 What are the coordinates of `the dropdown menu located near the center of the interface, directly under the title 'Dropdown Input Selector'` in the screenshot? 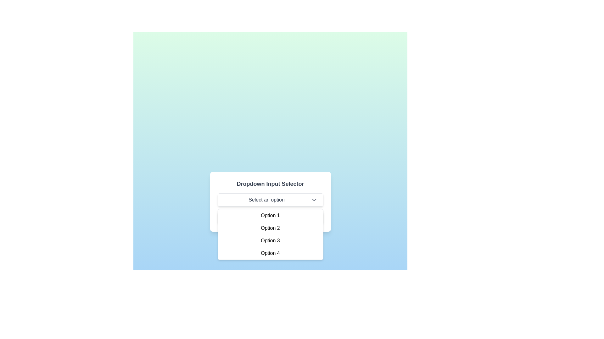 It's located at (270, 202).